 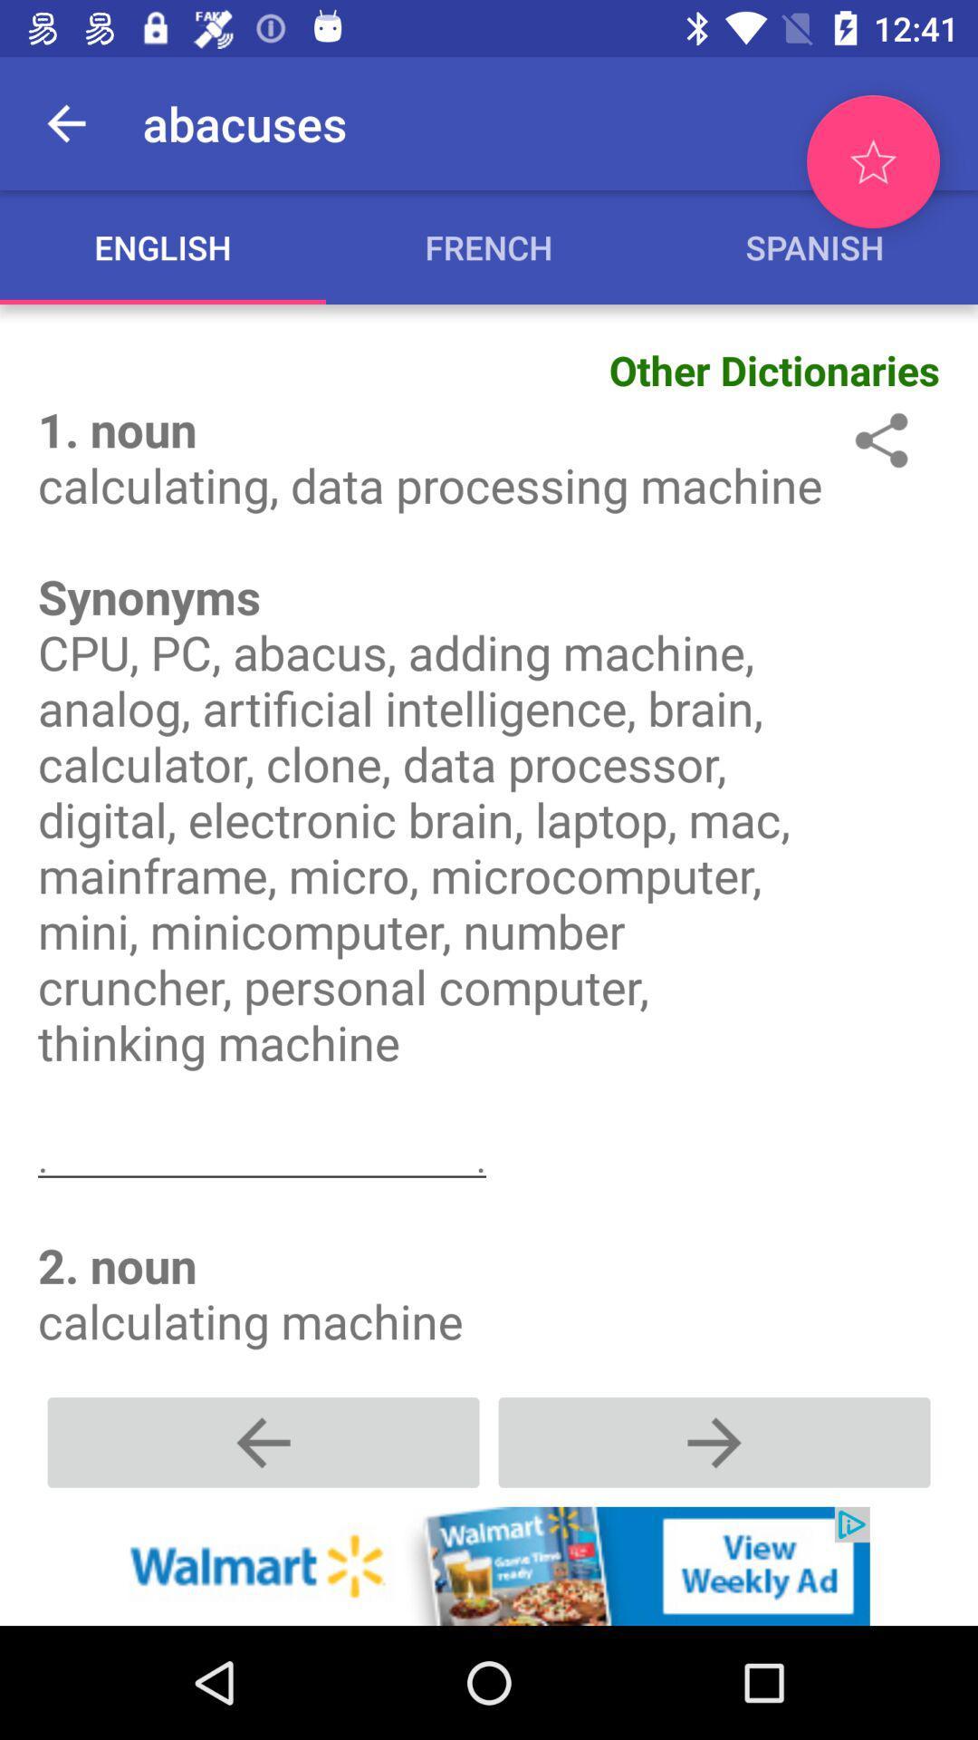 What do you see at coordinates (877, 440) in the screenshot?
I see `share option` at bounding box center [877, 440].